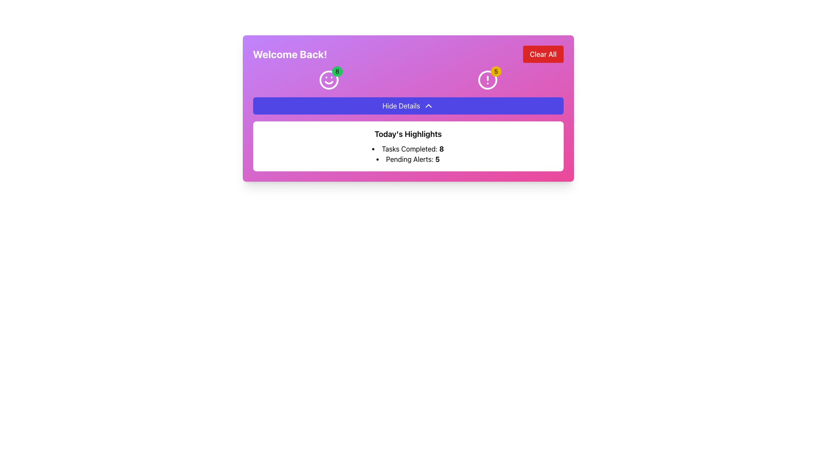  Describe the element at coordinates (496, 71) in the screenshot. I see `number displayed on the Notification badge located at the top-right corner of the circular icon with an exclamation mark inside, which is on the card that says 'Welcome Back!'` at that location.